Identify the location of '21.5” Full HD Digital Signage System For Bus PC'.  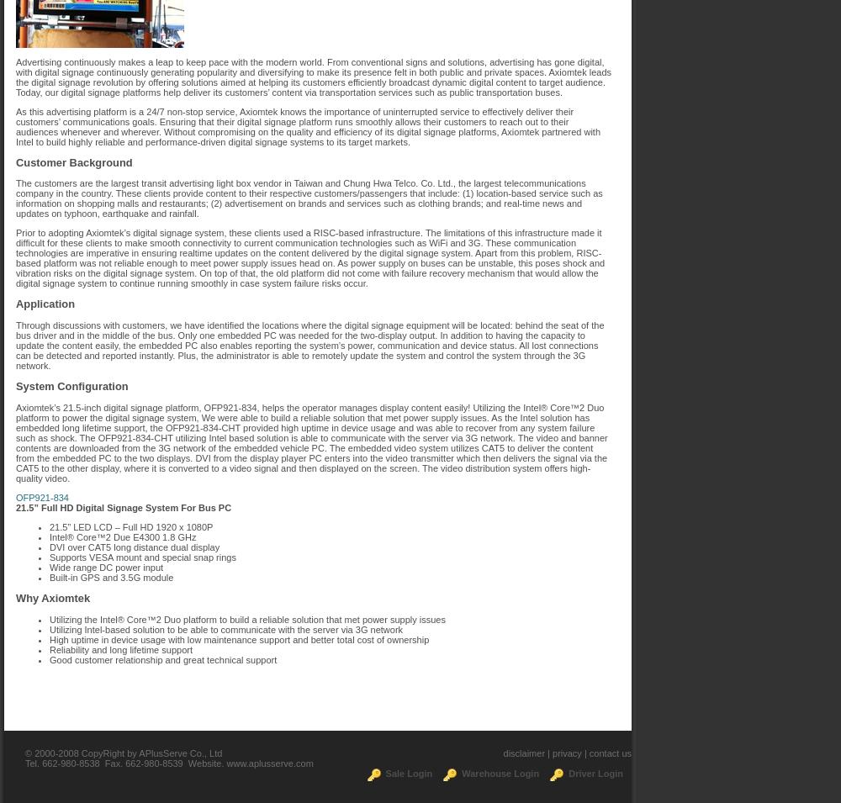
(124, 506).